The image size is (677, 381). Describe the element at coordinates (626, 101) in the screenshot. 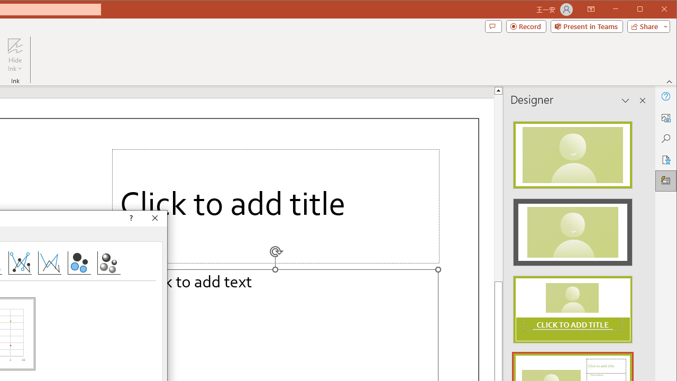

I see `'Task Pane Options'` at that location.